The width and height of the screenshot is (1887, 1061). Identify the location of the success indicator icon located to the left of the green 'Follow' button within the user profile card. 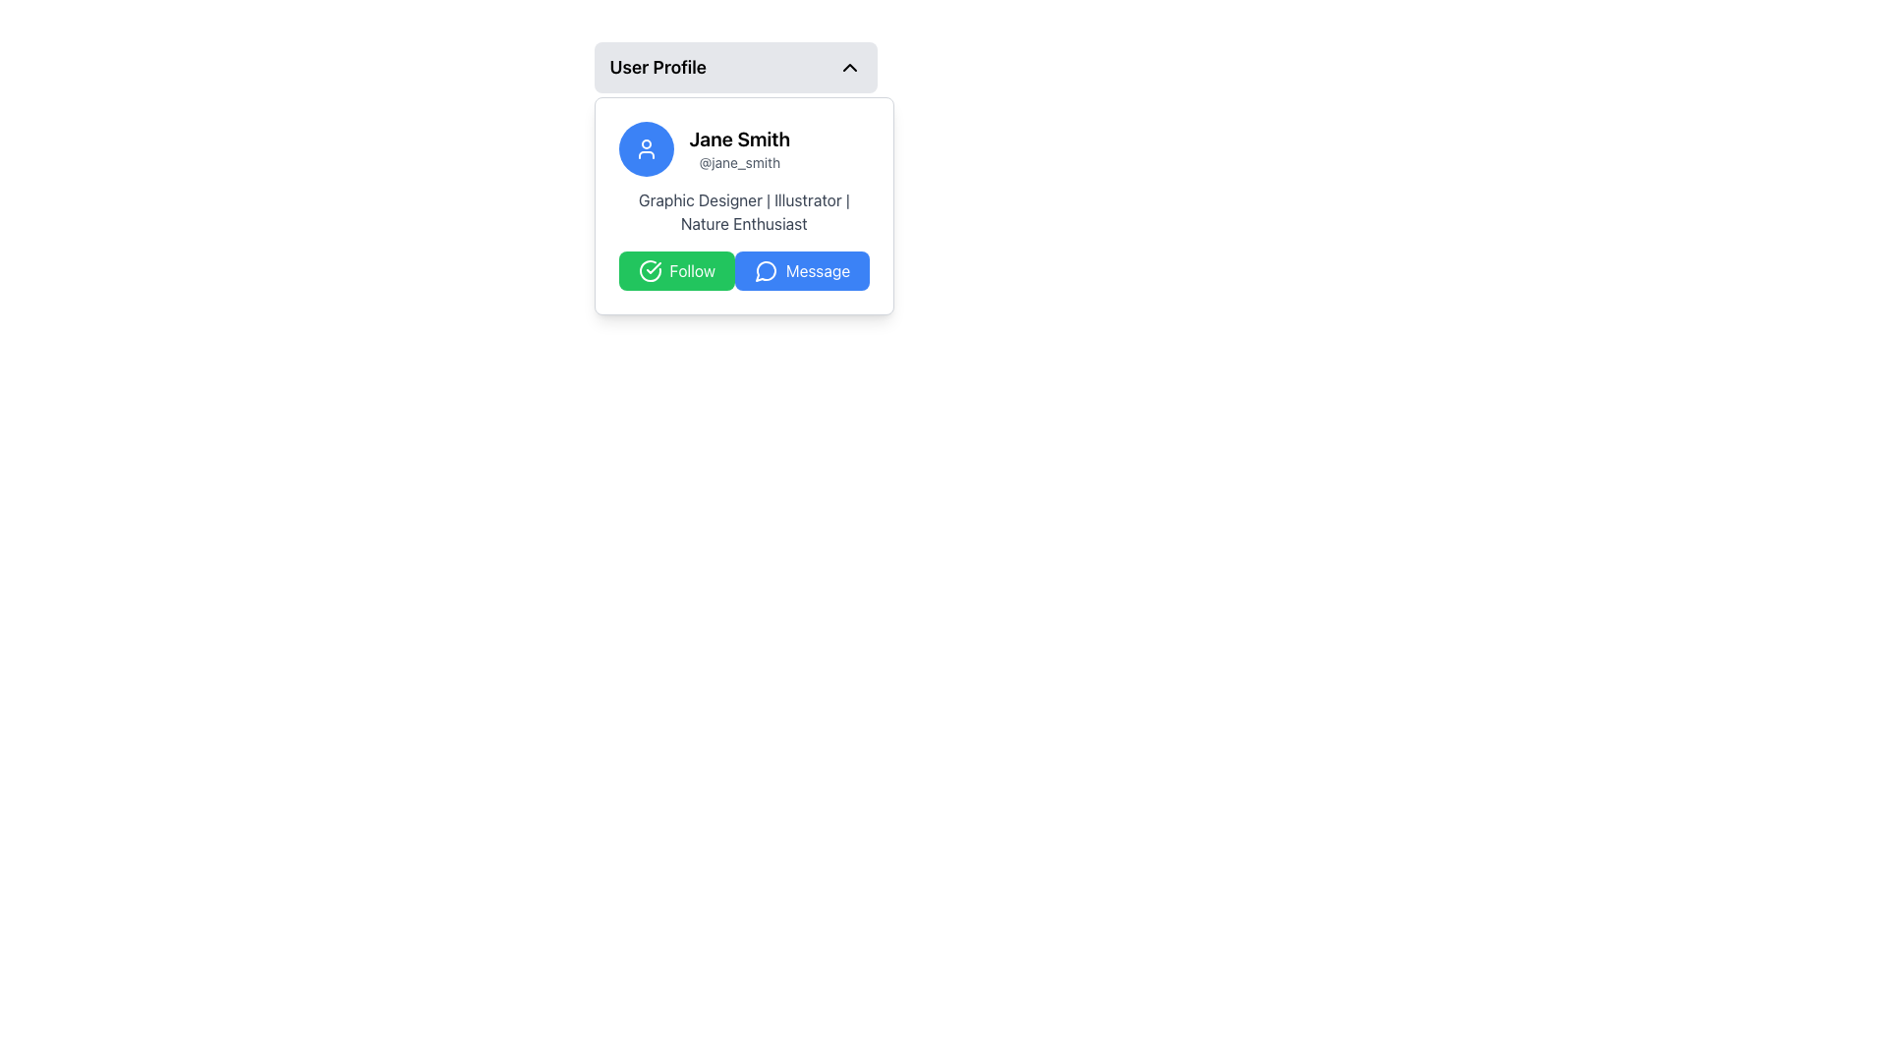
(650, 271).